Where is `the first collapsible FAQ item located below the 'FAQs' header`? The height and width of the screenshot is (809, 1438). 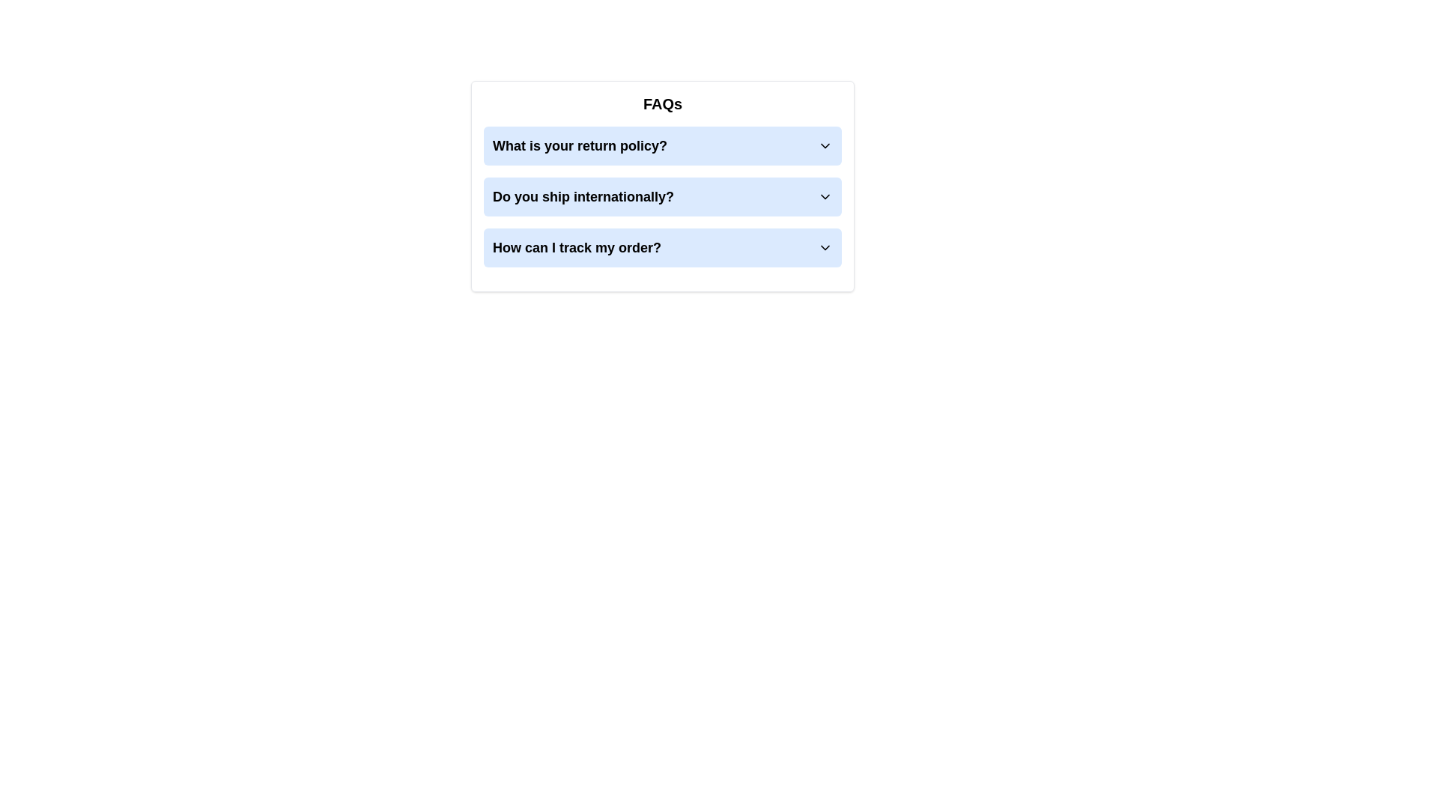
the first collapsible FAQ item located below the 'FAQs' header is located at coordinates (661, 146).